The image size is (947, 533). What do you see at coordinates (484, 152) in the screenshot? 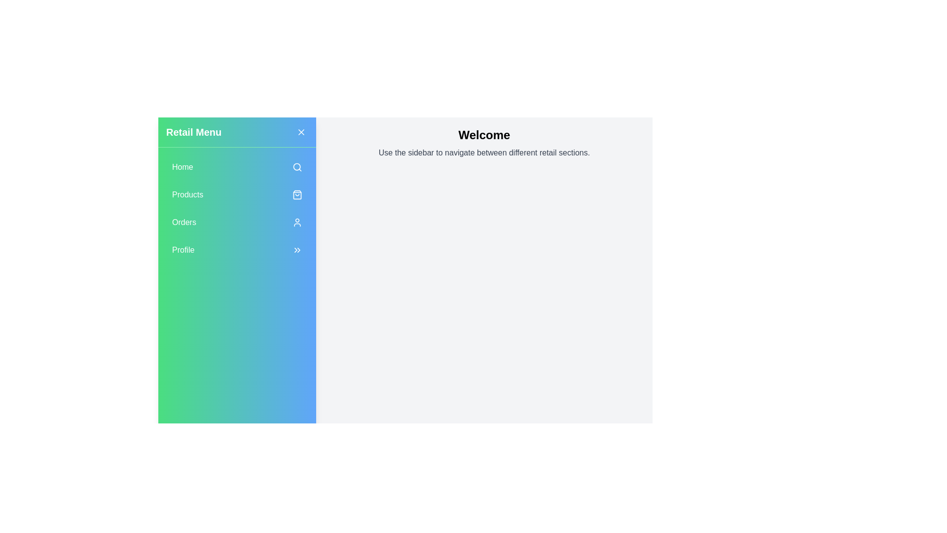
I see `the informative instruction text located below the 'Welcome' heading, which guides users on how to navigate the interface using the sidebar` at bounding box center [484, 152].